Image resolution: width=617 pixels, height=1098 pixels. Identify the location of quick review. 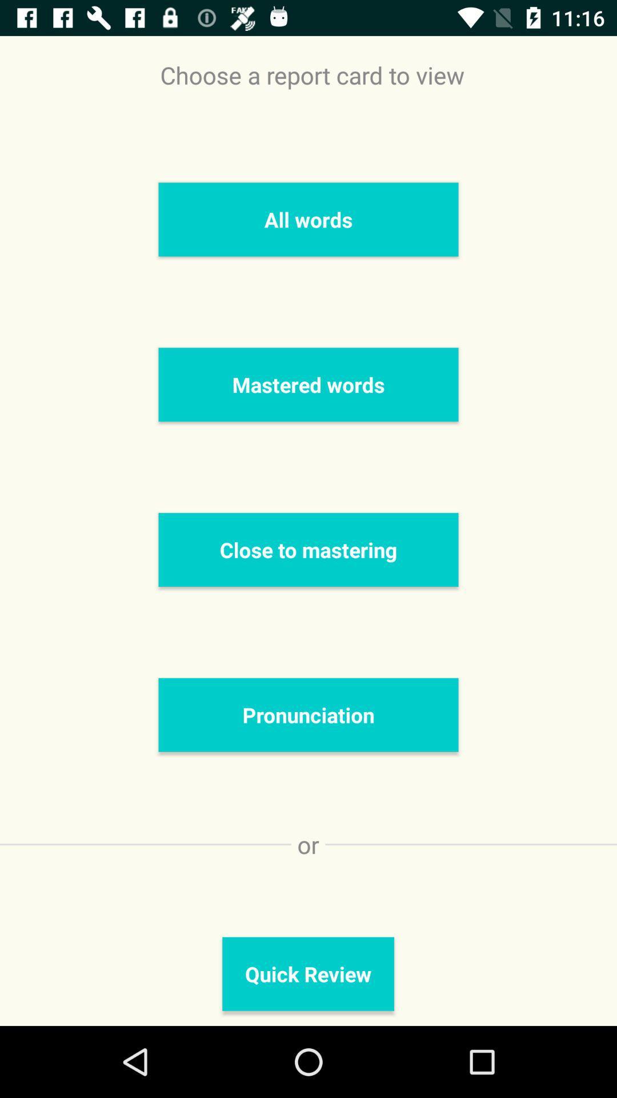
(307, 973).